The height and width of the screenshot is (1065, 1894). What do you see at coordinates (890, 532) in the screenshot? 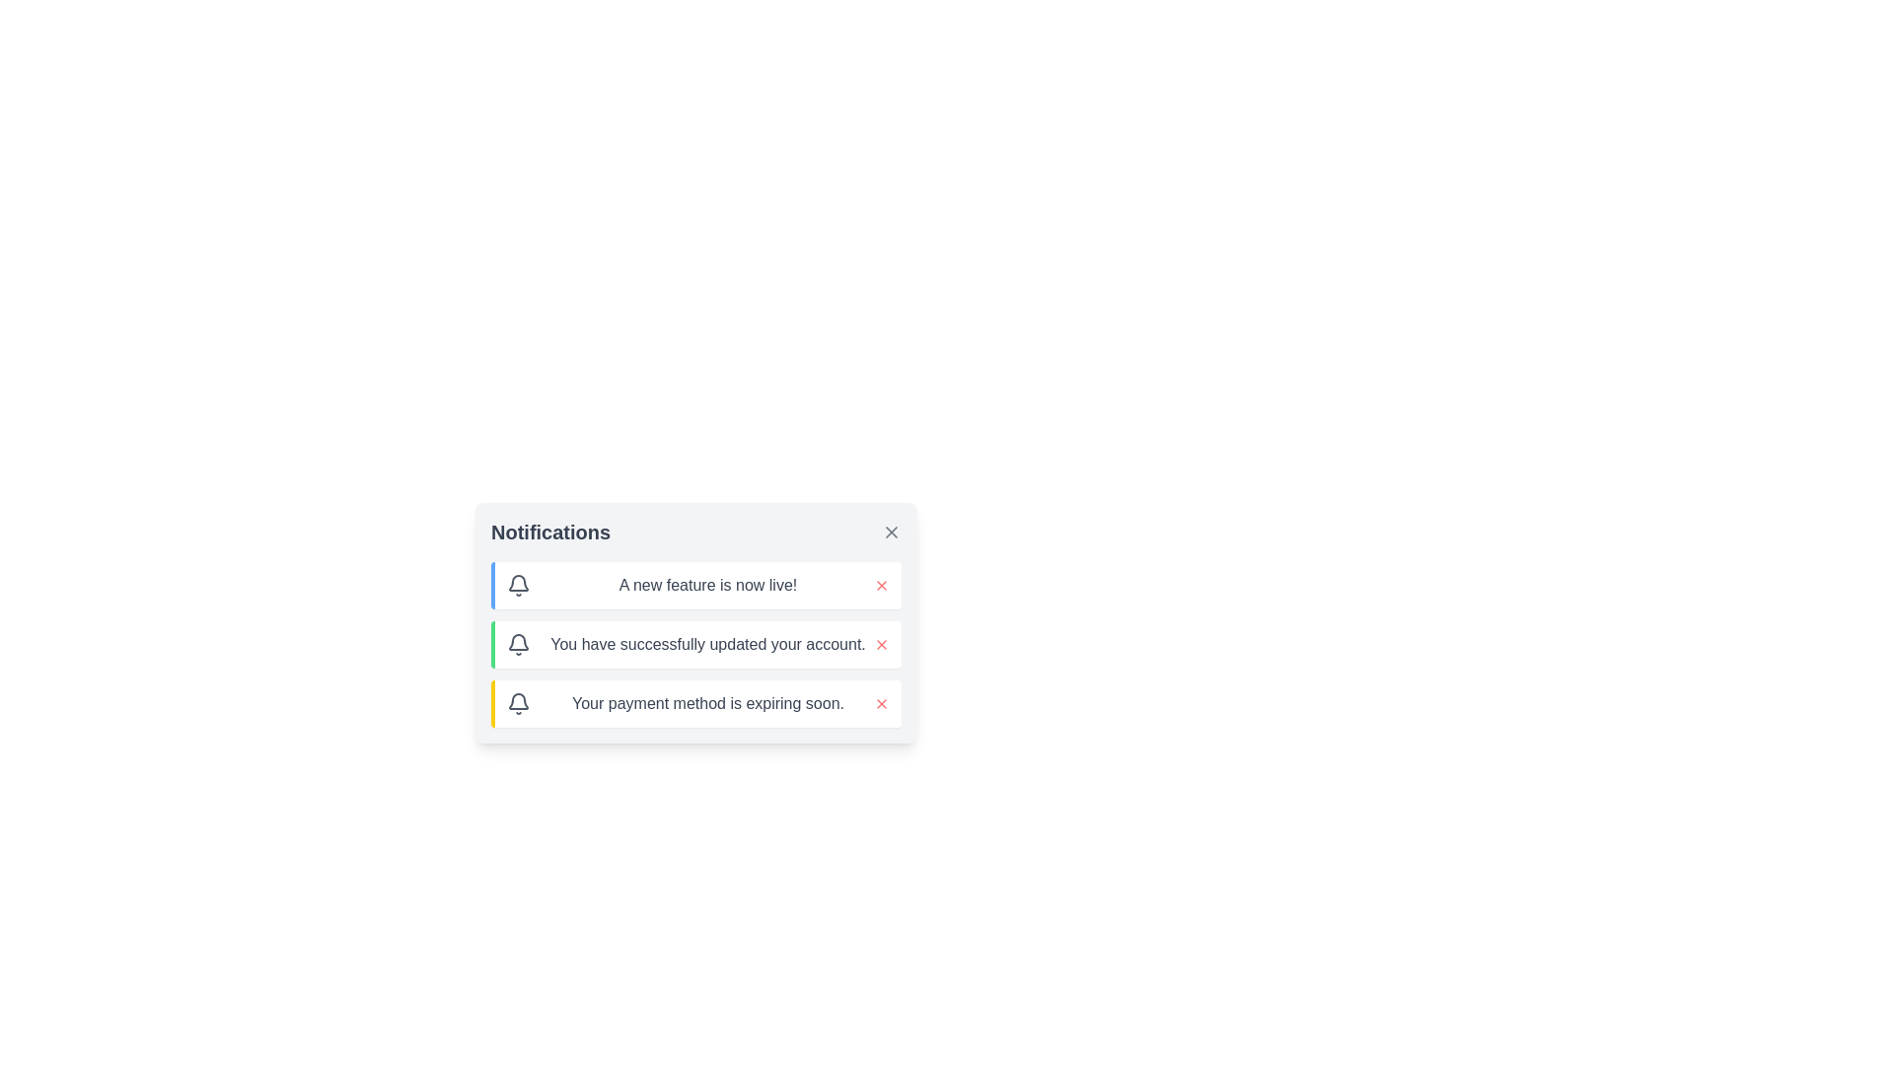
I see `the close icon button represented by an 'X' mark in gray color, located at the top right corner of the Notifications section header` at bounding box center [890, 532].